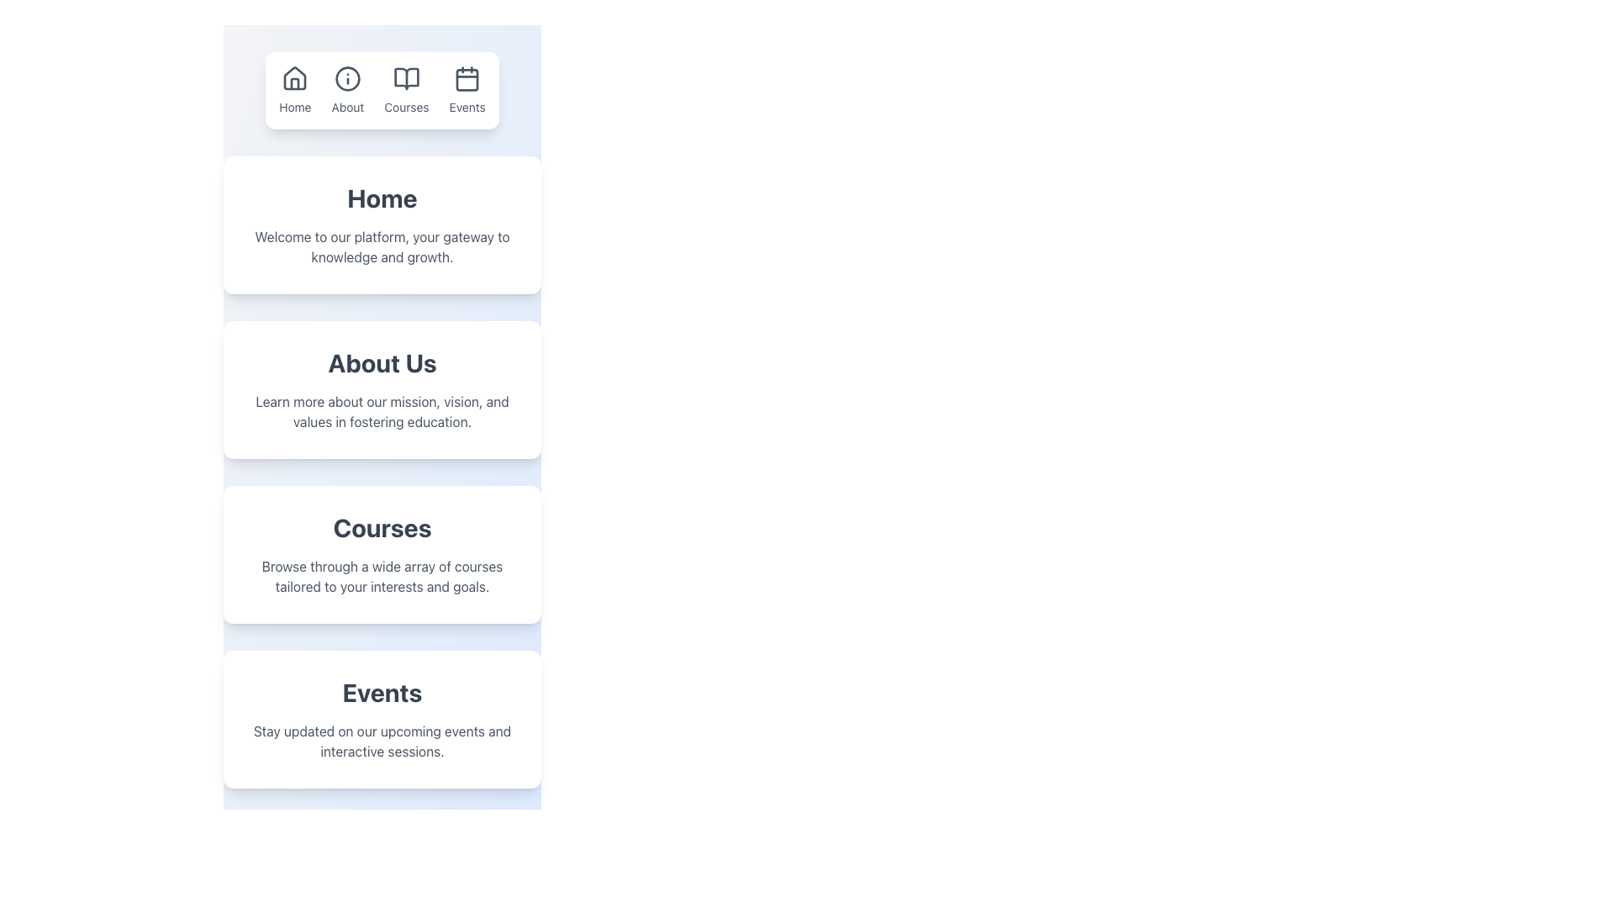 Image resolution: width=1614 pixels, height=908 pixels. Describe the element at coordinates (295, 107) in the screenshot. I see `the 'Home' navigation label, which is a small-sized text label displayed in a neutral color located below a house icon in the top-left corner of the navigation bar` at that location.